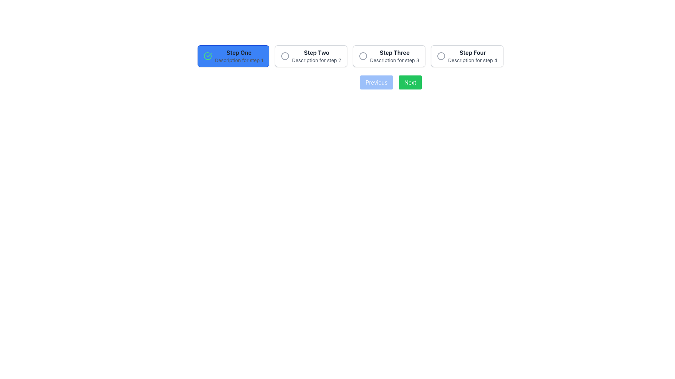 Image resolution: width=675 pixels, height=379 pixels. I want to click on the text label that contains the phrase 'Description for step 3', which is located underneath the heading 'Step Three' in the step sequence, so click(394, 60).